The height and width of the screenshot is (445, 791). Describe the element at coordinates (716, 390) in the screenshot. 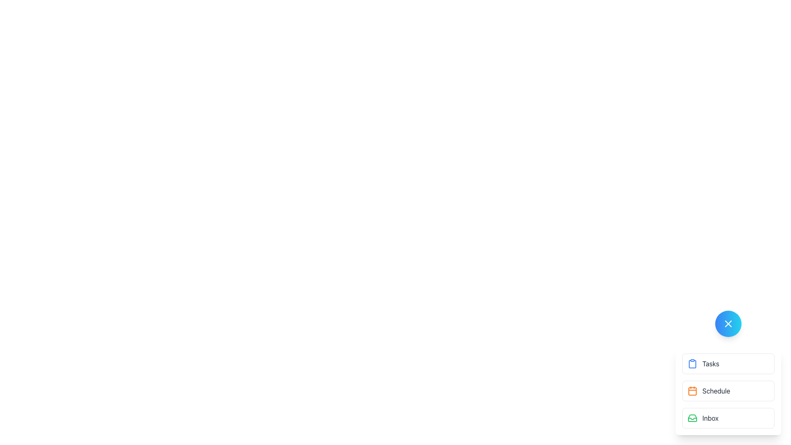

I see `the 'Schedule' text label, which is styled in dark gray and positioned in the middle of a light background section, next to an orange calendar icon` at that location.